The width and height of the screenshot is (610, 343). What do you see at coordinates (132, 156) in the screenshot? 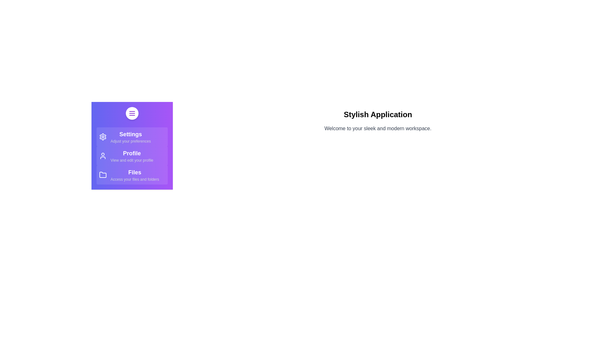
I see `the 'Profile' item in the StylishDrawer to view or edit the profile` at bounding box center [132, 156].